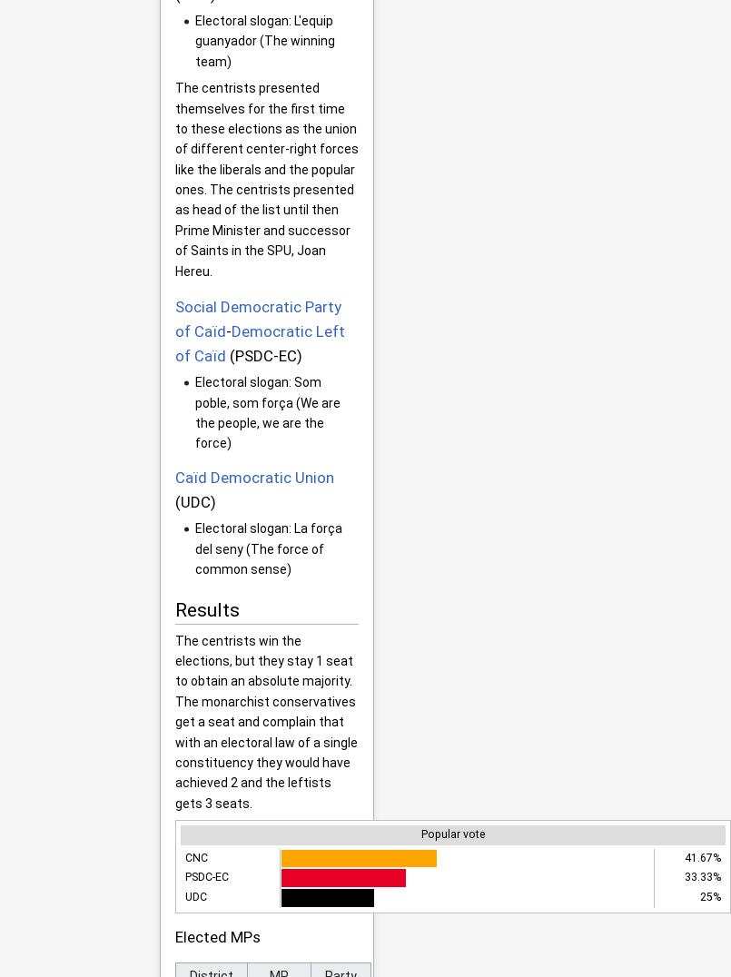  I want to click on 'CNC', so click(194, 856).